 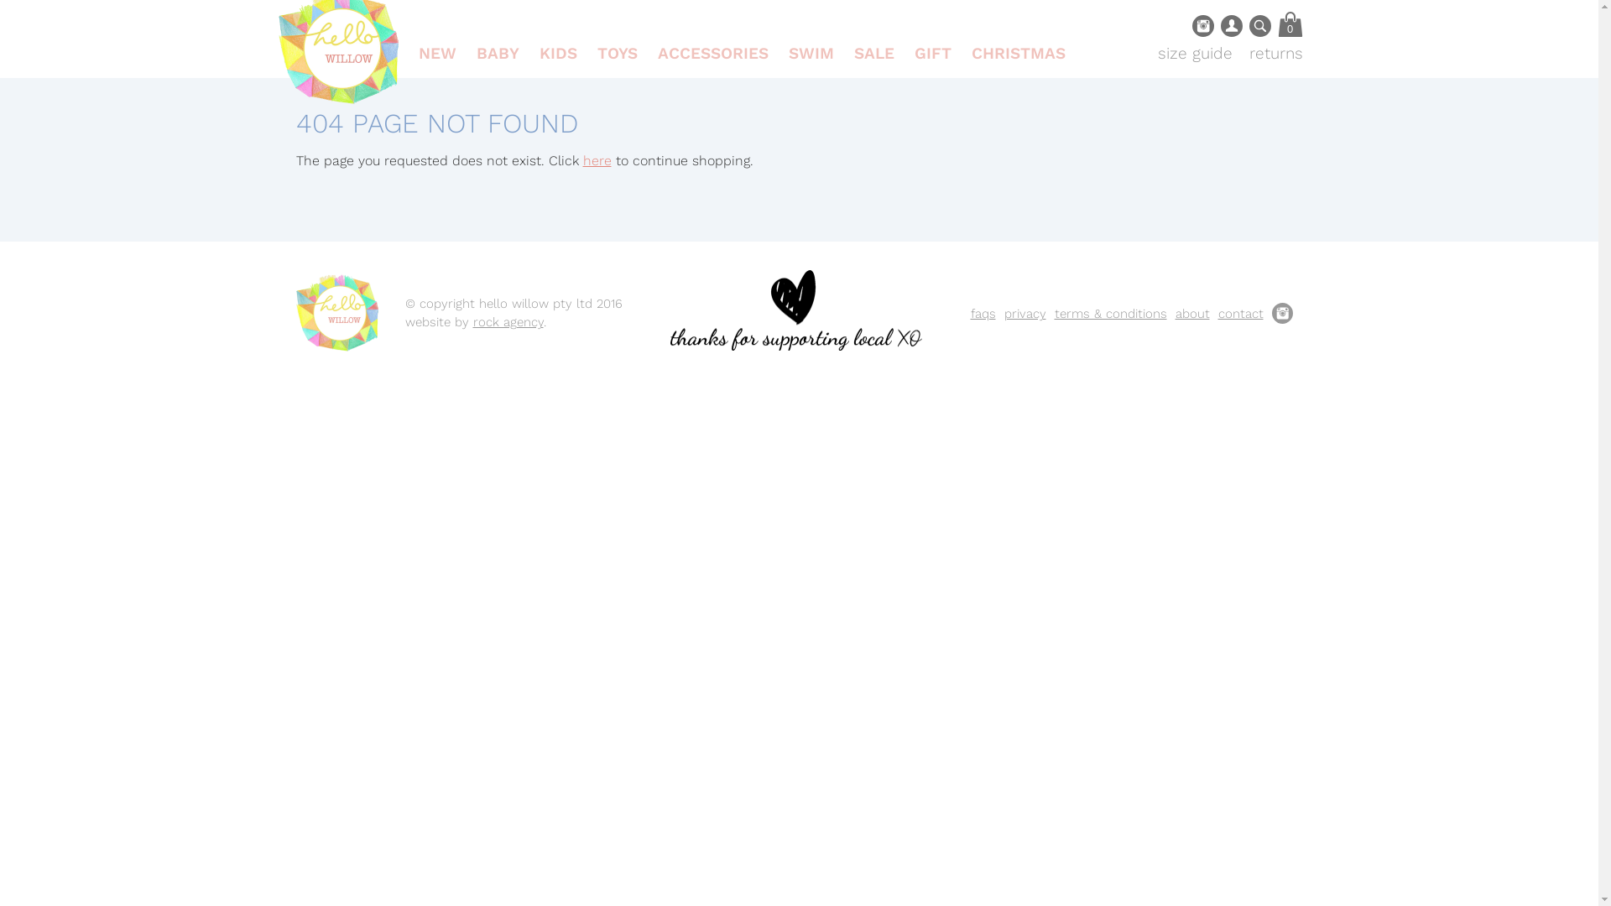 What do you see at coordinates (983, 314) in the screenshot?
I see `'faqs'` at bounding box center [983, 314].